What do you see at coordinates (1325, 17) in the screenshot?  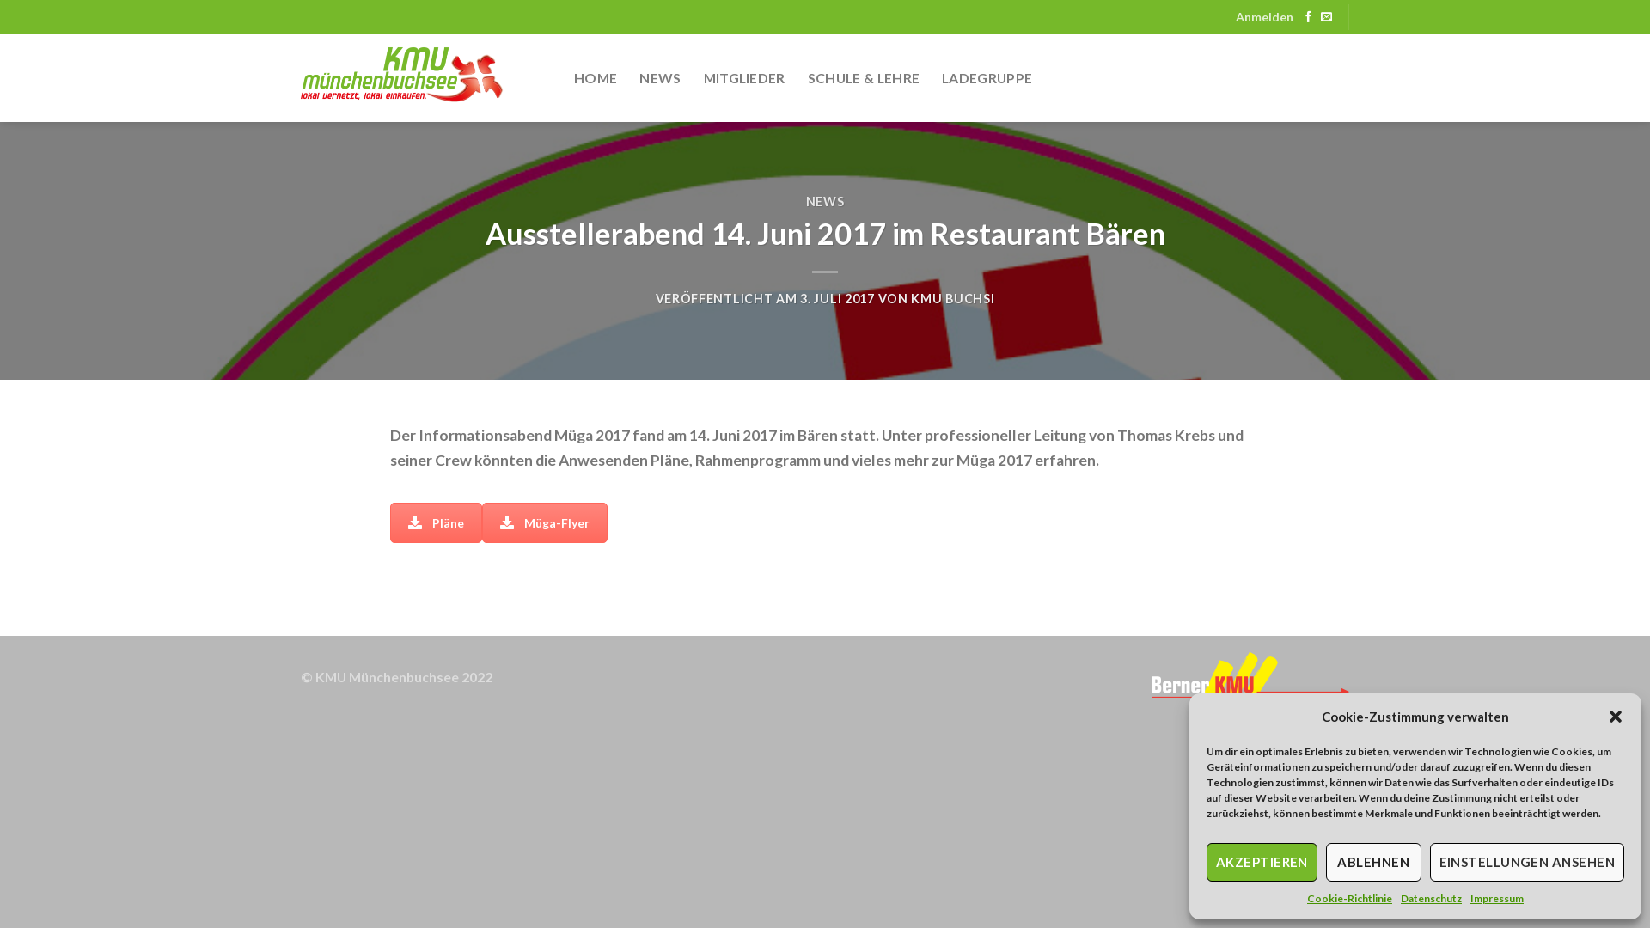 I see `'Sende uns eine E-Mail'` at bounding box center [1325, 17].